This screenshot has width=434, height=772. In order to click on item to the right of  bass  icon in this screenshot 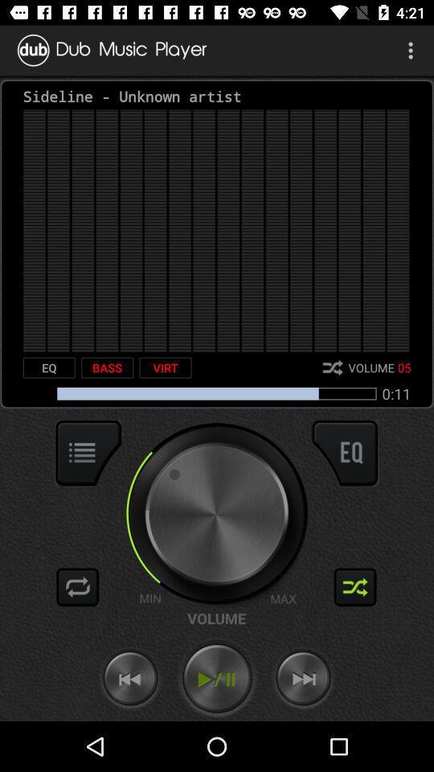, I will do `click(165, 368)`.